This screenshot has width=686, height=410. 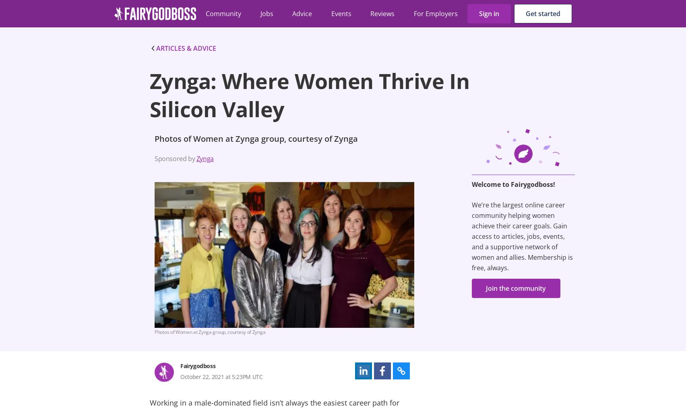 I want to click on 'ARTICLES & ADVICE', so click(x=186, y=48).